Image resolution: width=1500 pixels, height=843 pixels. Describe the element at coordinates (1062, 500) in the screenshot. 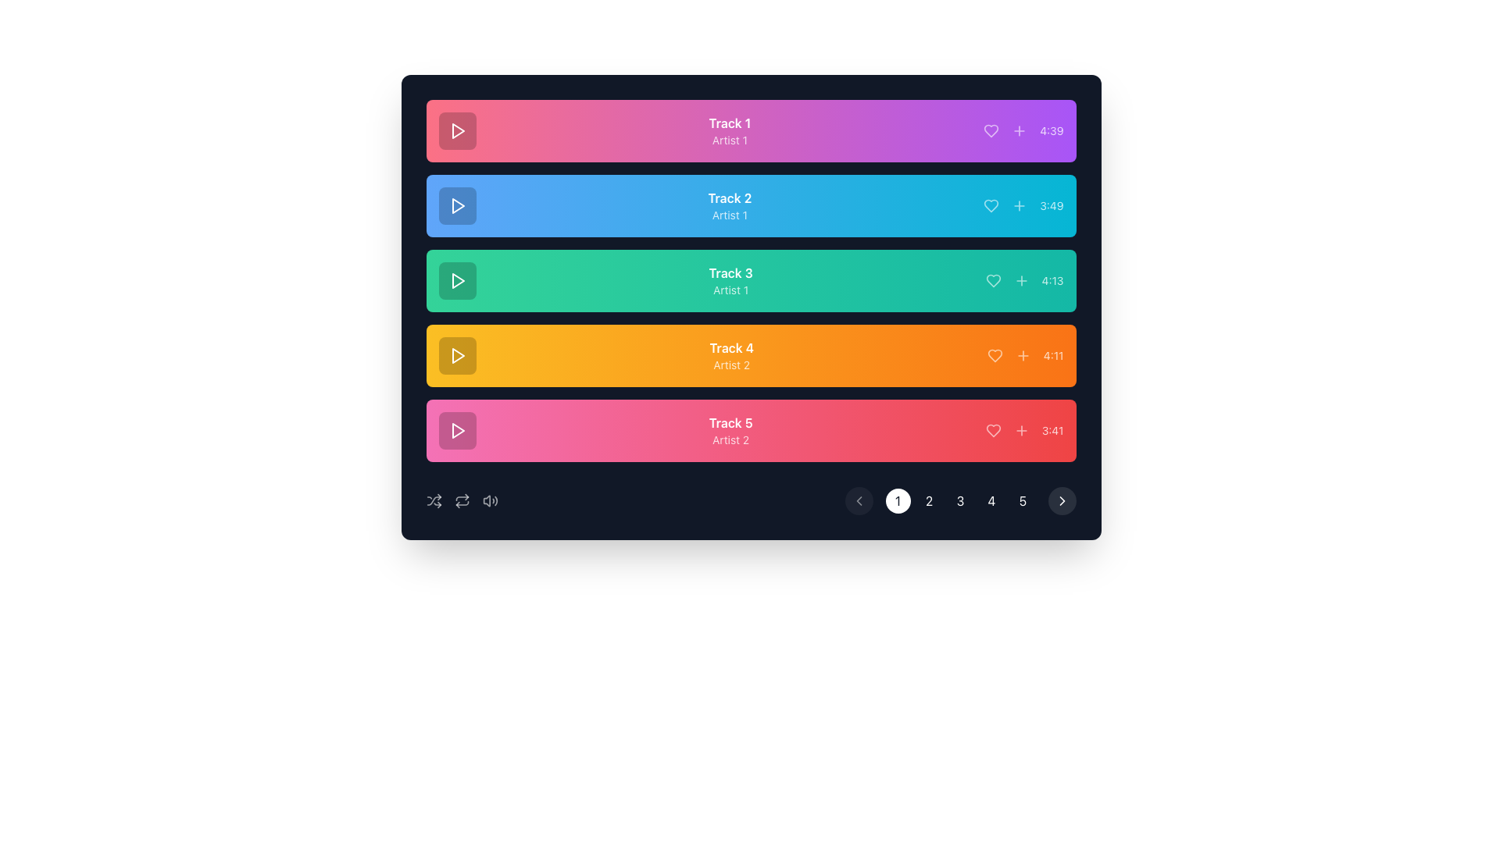

I see `the circular button with a dark background and a right-pointing white chevron` at that location.